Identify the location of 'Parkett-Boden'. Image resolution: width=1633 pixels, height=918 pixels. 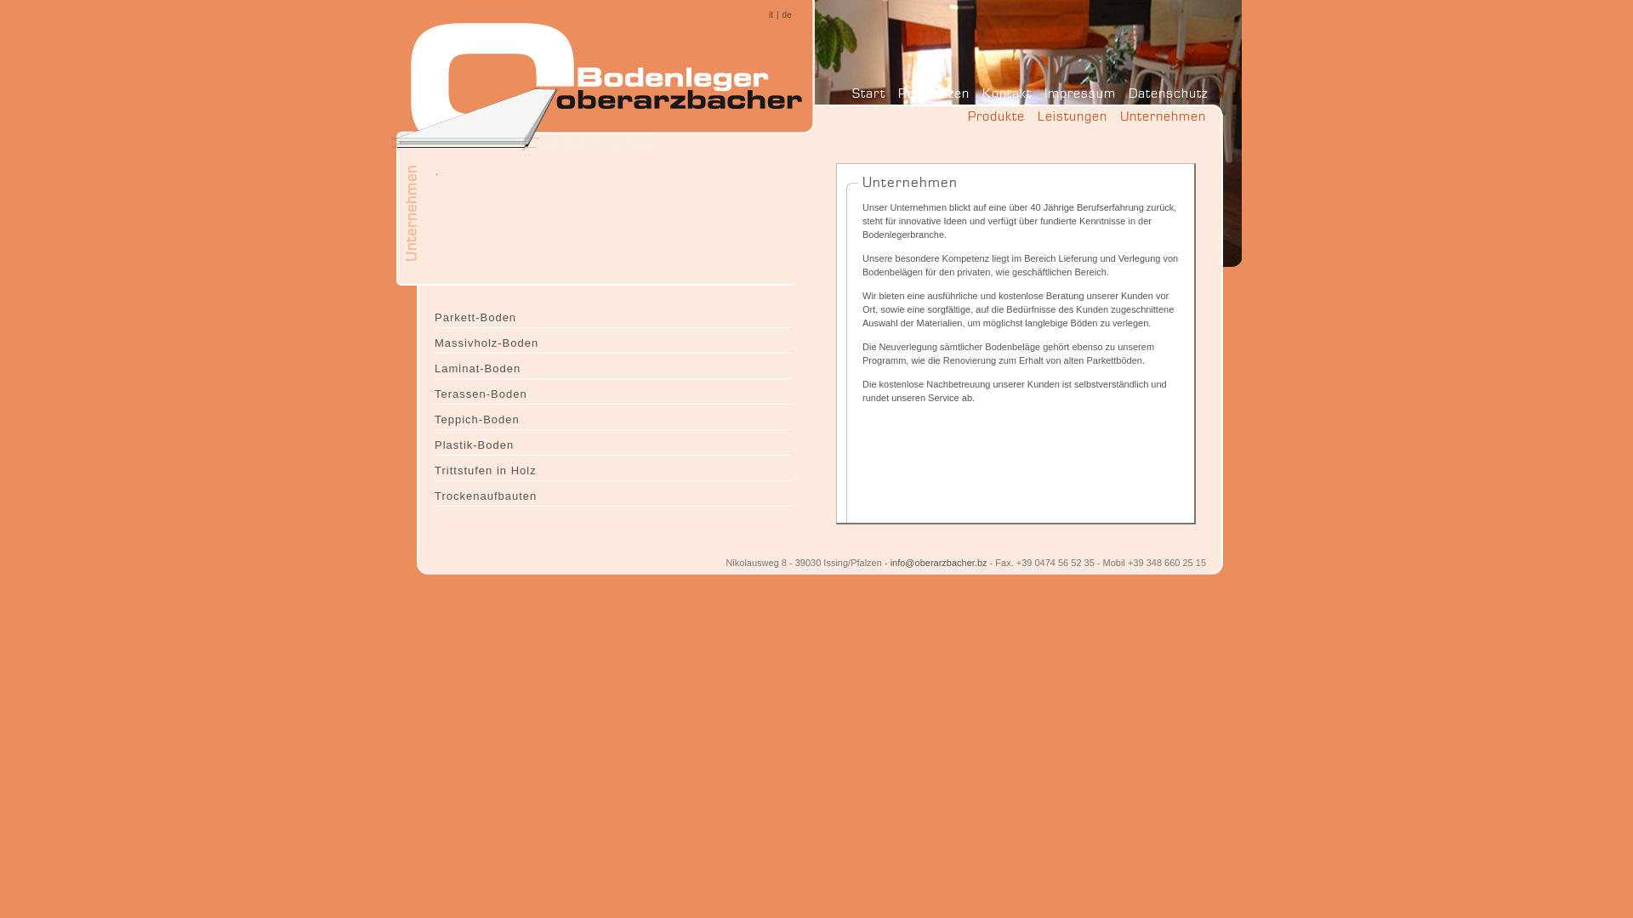
(612, 314).